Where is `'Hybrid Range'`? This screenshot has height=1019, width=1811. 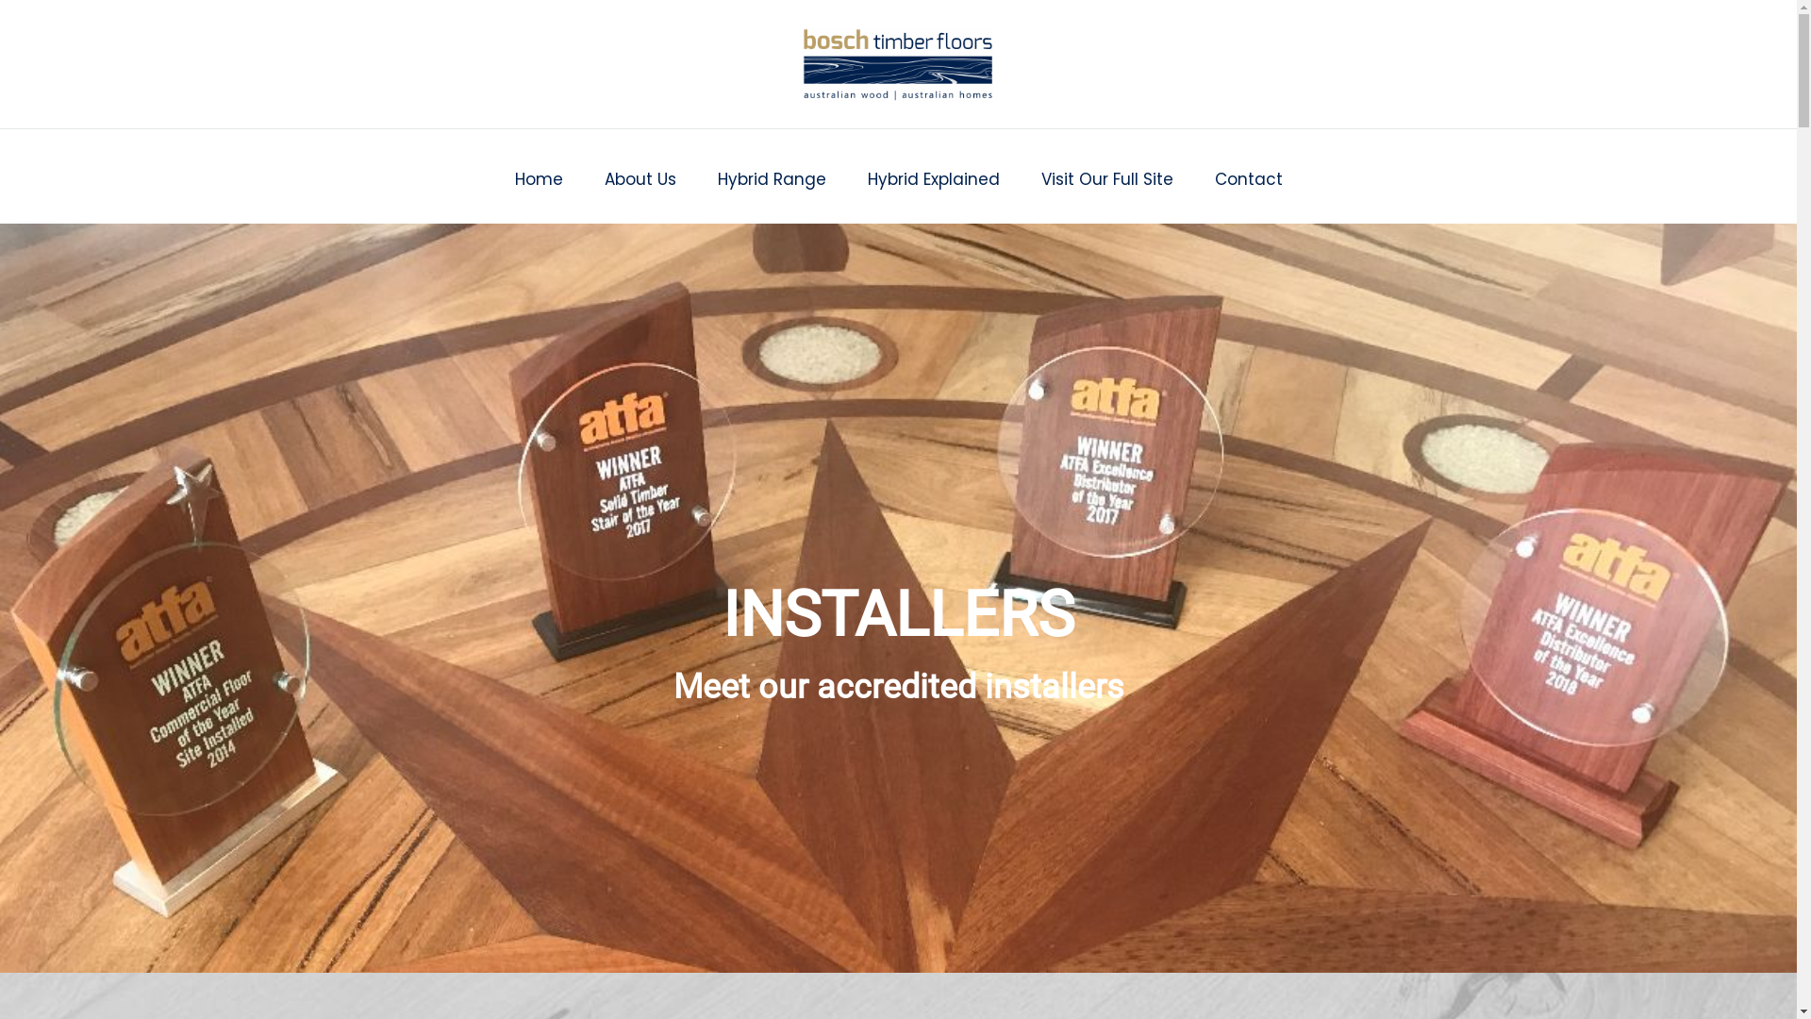
'Hybrid Range' is located at coordinates (771, 175).